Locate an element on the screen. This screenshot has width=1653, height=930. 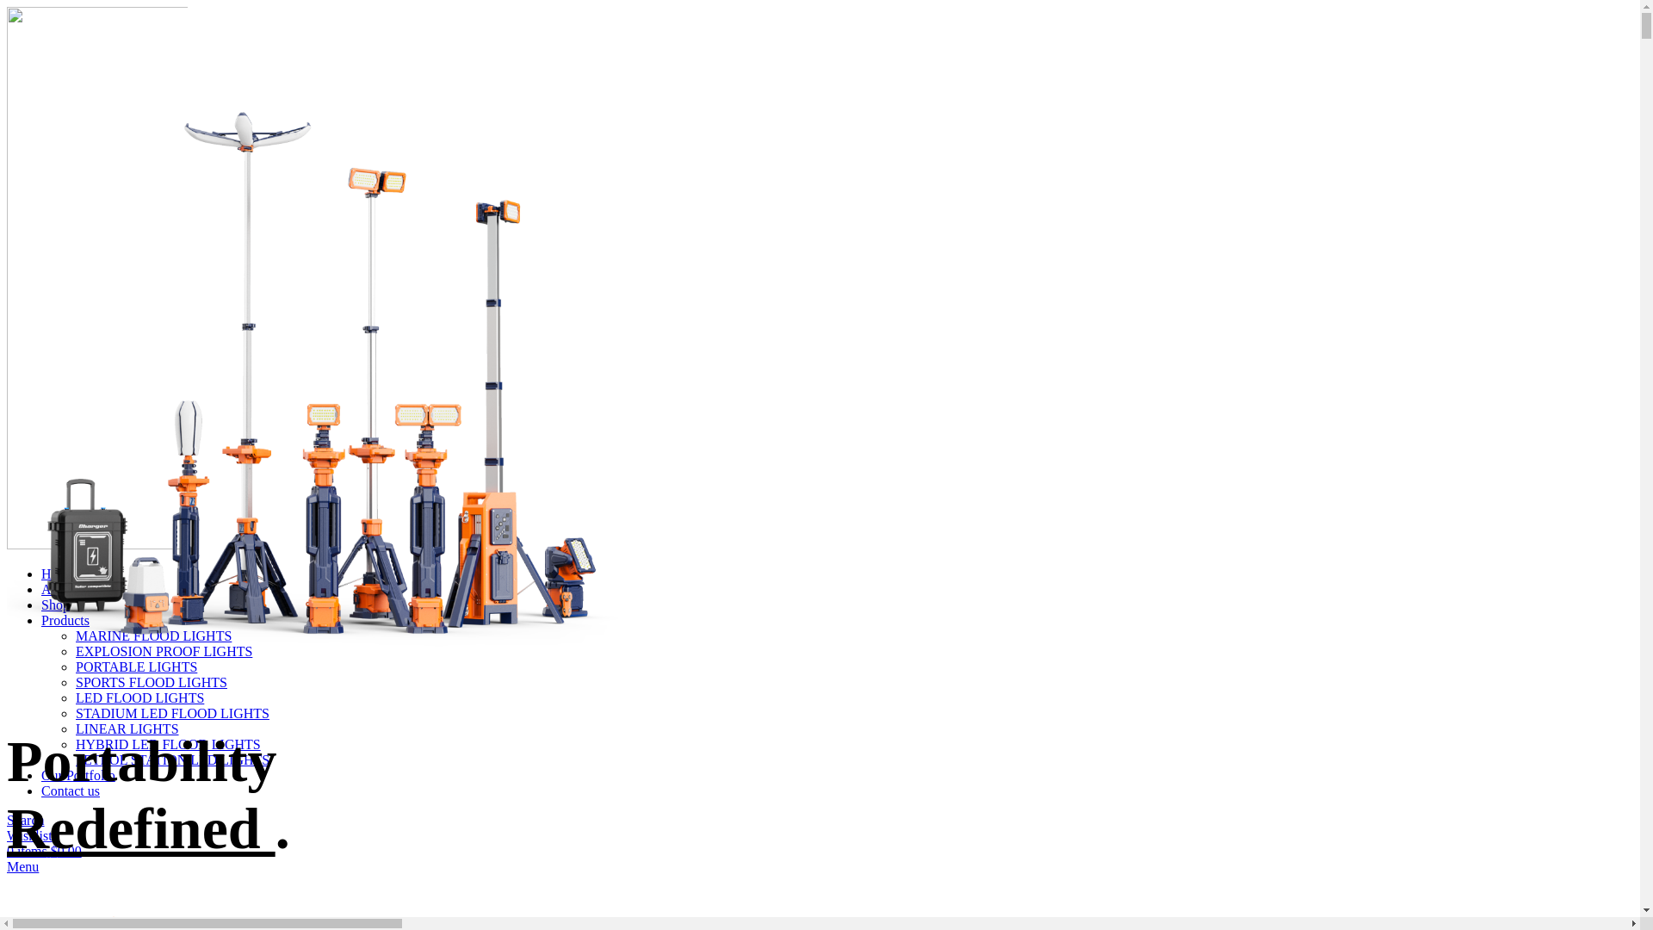
'Search' is located at coordinates (25, 819).